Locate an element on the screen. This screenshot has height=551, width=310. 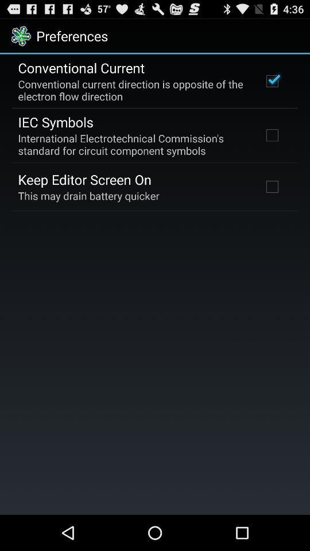
the icon above the keep editor screen app is located at coordinates (132, 143).